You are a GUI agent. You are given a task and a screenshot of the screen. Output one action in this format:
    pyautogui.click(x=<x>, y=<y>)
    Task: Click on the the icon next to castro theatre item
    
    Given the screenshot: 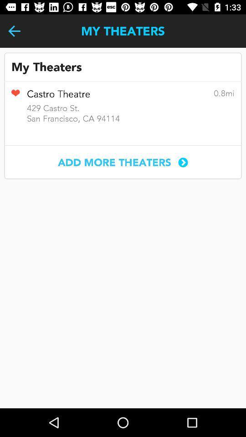 What is the action you would take?
    pyautogui.click(x=15, y=96)
    